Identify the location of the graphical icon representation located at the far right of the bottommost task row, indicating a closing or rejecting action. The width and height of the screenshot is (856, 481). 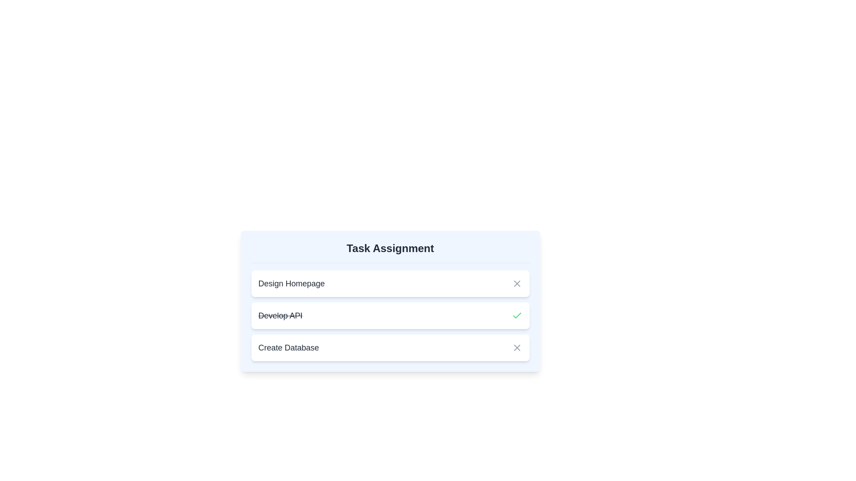
(517, 347).